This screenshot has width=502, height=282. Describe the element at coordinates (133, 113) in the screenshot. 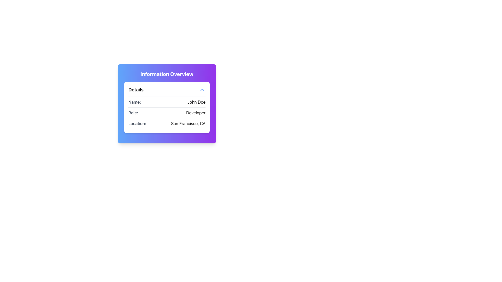

I see `the text label reading 'Role:' which is the leftmost text in the second row of a structured information card with a gradient blue-to-purple background` at that location.